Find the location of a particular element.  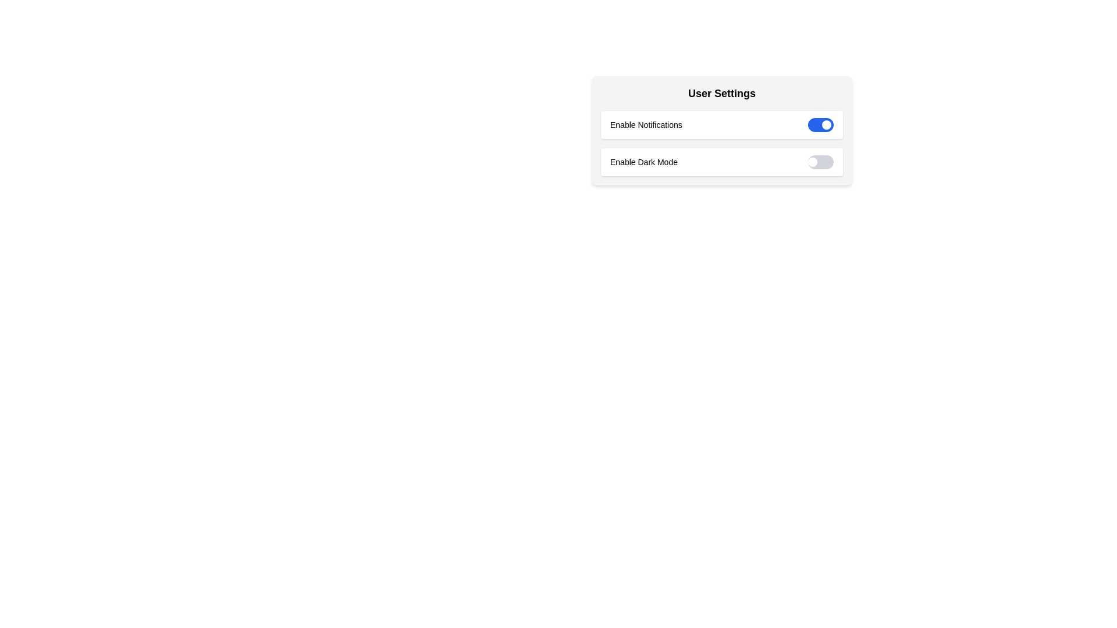

text label that describes the purpose of the adjacent toggle switch for enabling or disabling notifications is located at coordinates (645, 125).